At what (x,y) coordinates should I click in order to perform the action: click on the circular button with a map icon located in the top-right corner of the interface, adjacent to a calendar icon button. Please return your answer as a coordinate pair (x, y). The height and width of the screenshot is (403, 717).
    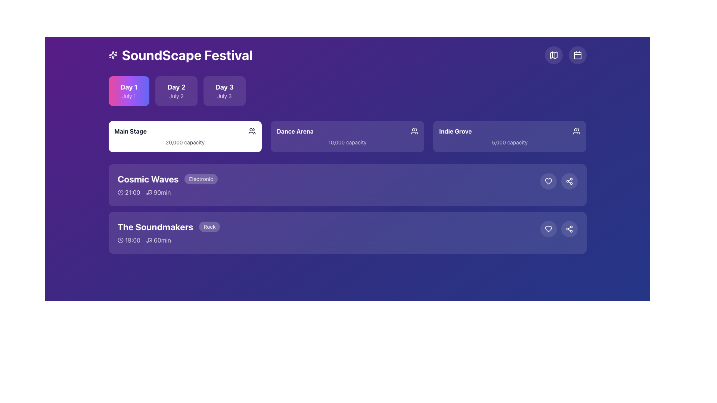
    Looking at the image, I should click on (553, 54).